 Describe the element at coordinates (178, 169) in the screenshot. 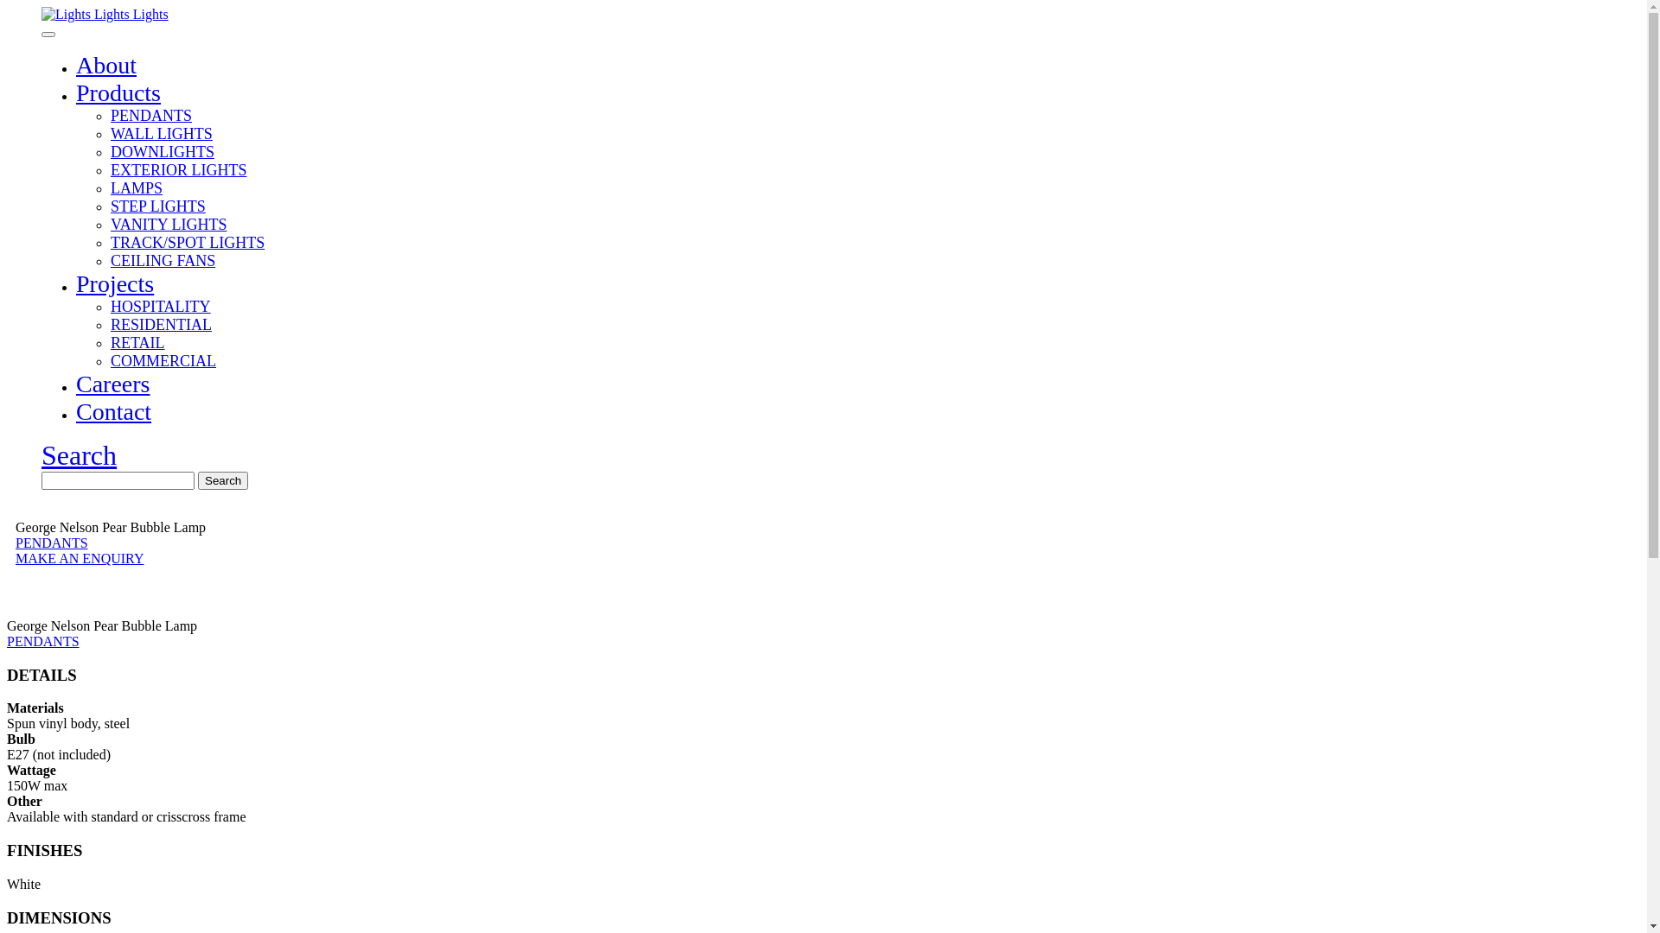

I see `'EXTERIOR LIGHTS'` at that location.